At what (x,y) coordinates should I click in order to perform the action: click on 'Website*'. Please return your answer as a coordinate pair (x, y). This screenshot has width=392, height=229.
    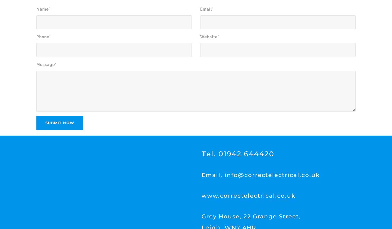
    Looking at the image, I should click on (210, 37).